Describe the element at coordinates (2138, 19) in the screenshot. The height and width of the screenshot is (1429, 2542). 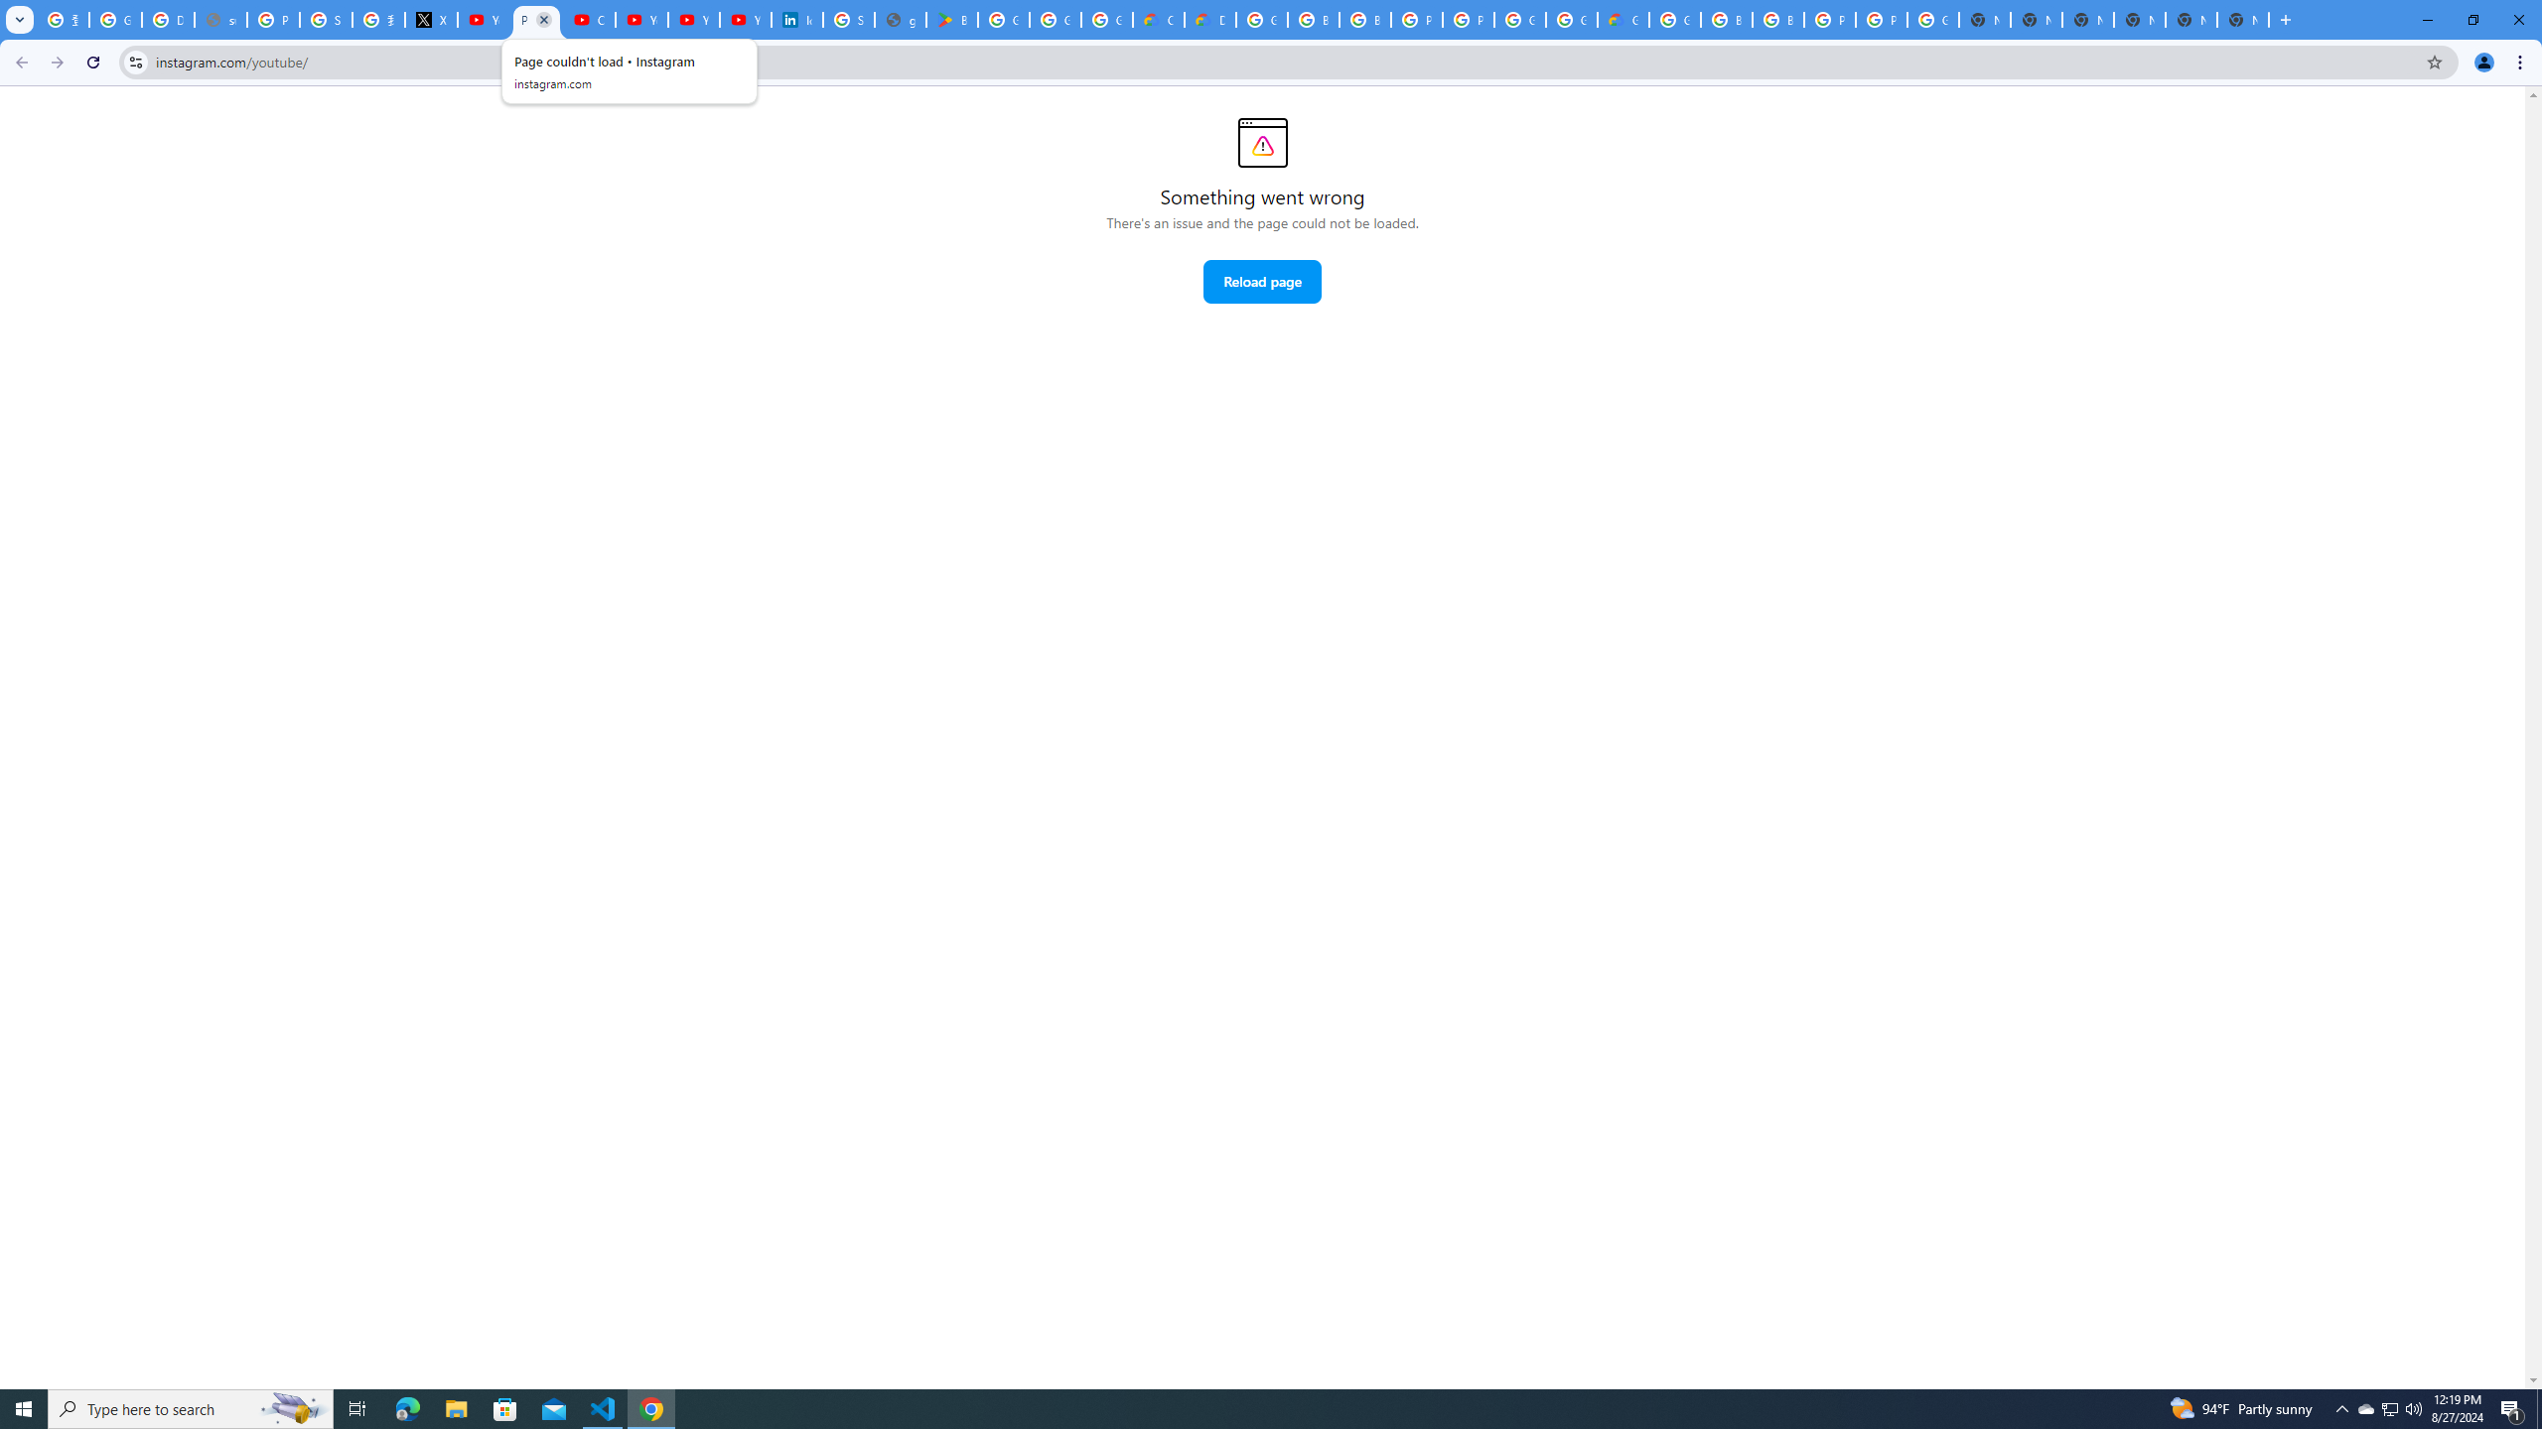
I see `'New Tab'` at that location.